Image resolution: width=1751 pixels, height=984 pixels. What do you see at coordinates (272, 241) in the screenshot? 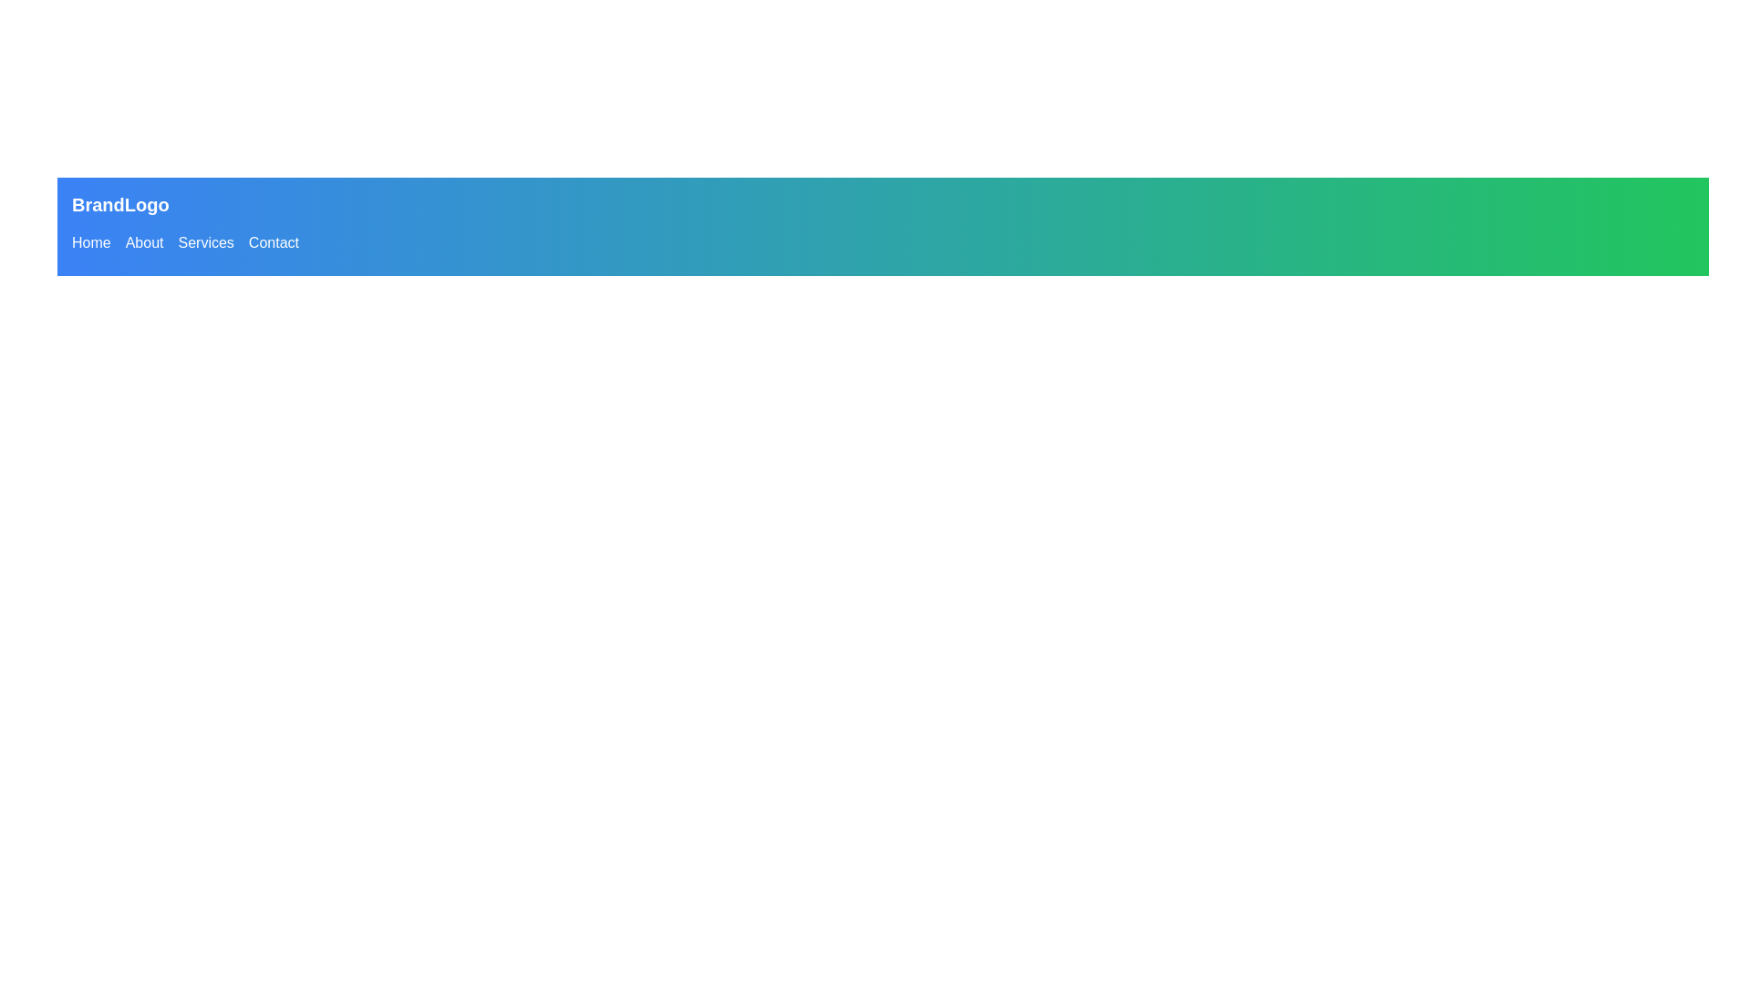
I see `the 'Contact' hyperlink in the horizontal navigation menu` at bounding box center [272, 241].